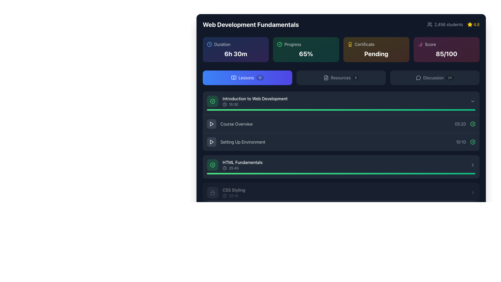  Describe the element at coordinates (470, 24) in the screenshot. I see `the rating icon located in the top-right corner of the interface, adjacent to the text displaying '4.8', which visually represents user feedback or evaluation` at that location.